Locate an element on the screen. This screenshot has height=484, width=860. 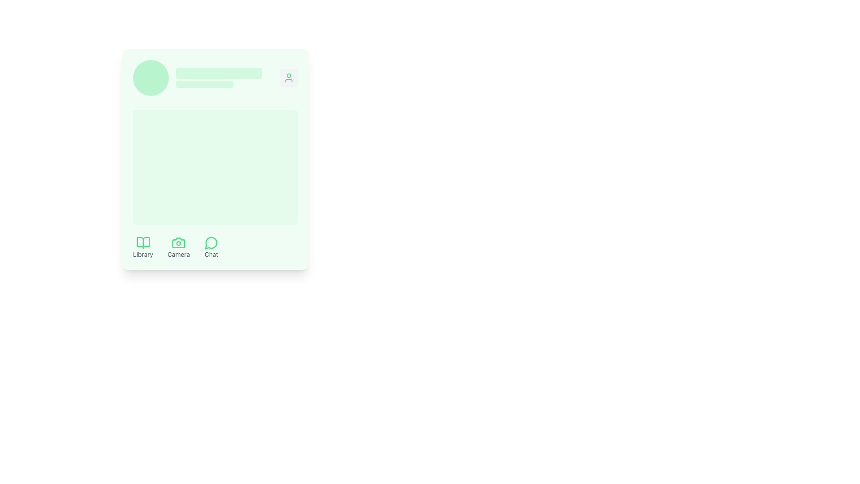
the 'Chat' text label displayed in a small sans-serif font and styled with a light gray color, located below a green chat bubble icon in the bottom navigation bar is located at coordinates (211, 254).